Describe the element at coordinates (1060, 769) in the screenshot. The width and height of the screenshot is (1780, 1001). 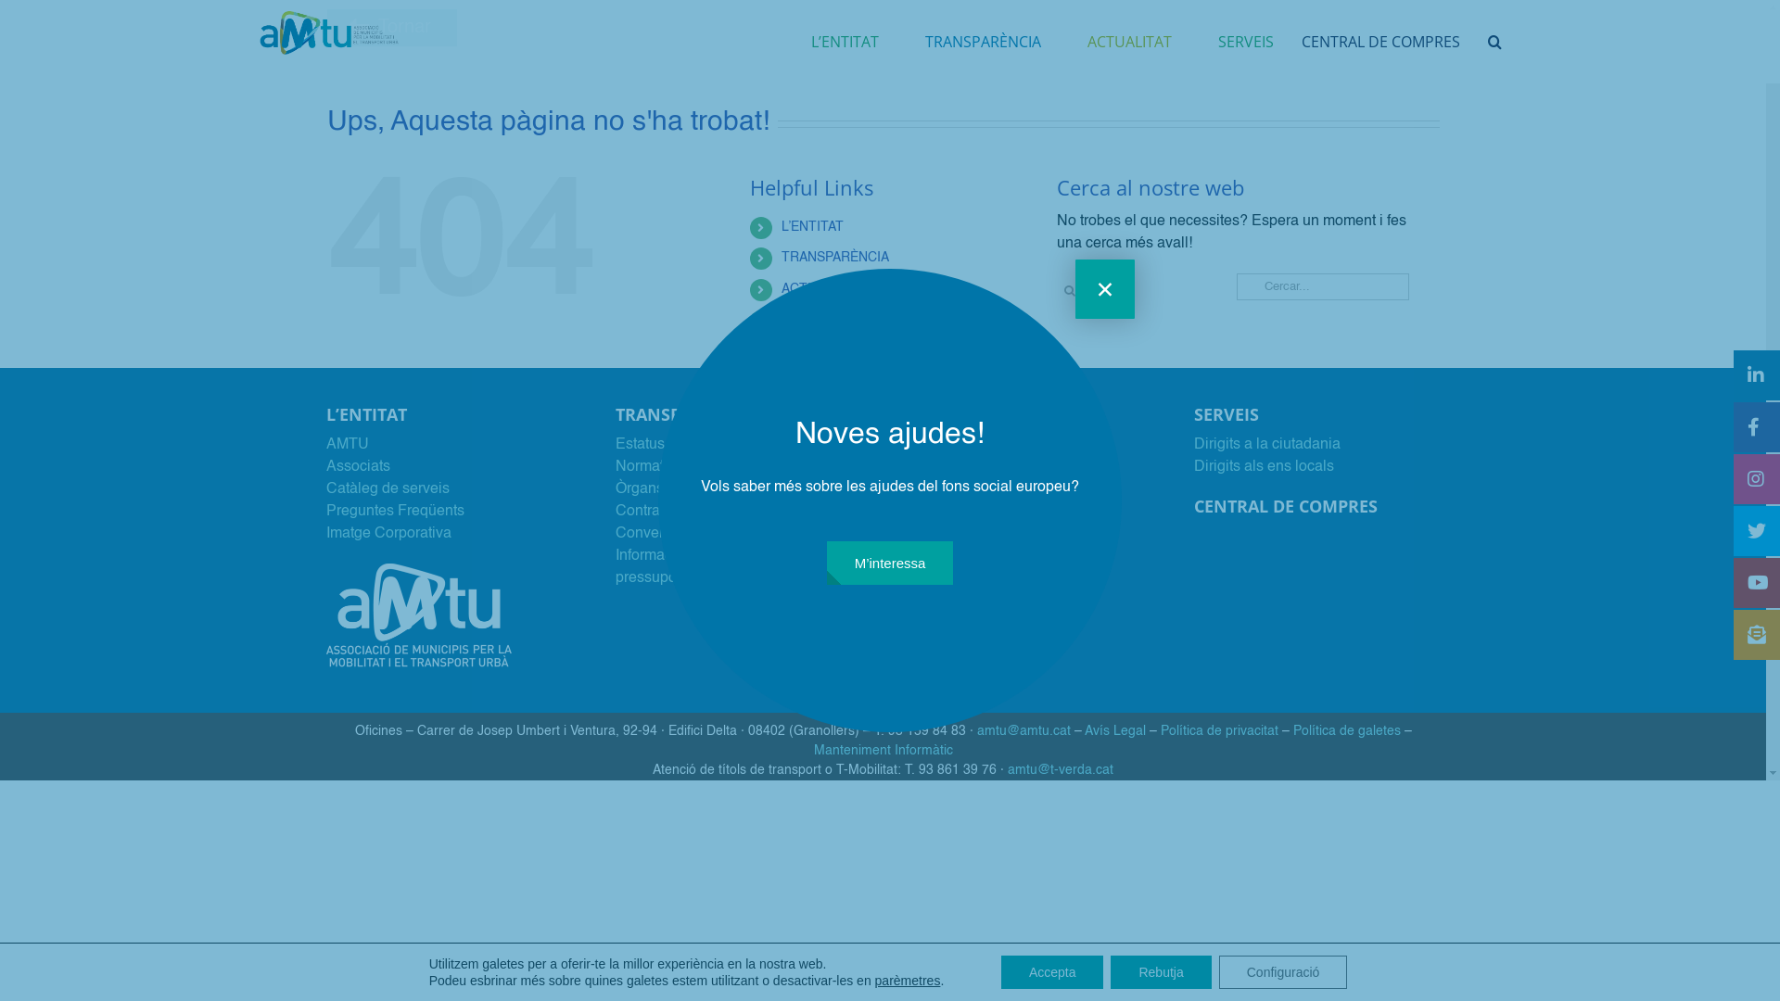
I see `'amtu@t-verda.cat'` at that location.